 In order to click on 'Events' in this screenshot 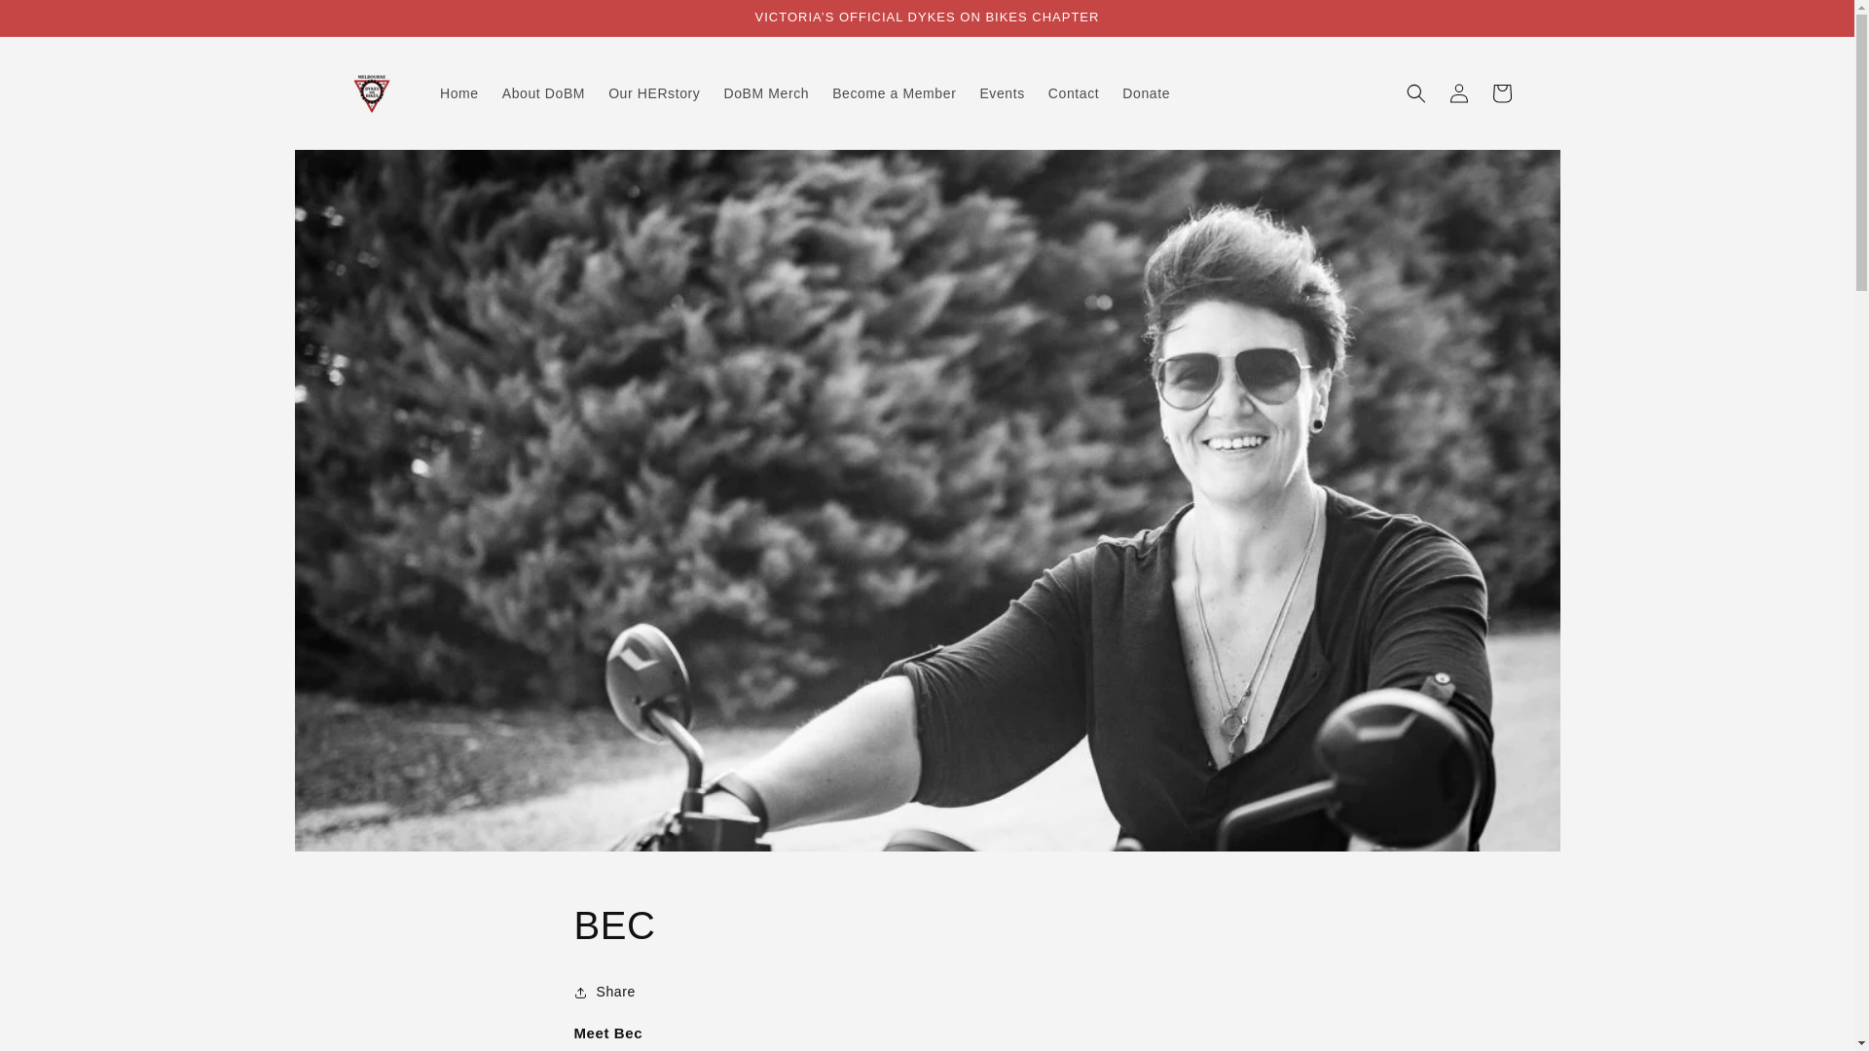, I will do `click(967, 93)`.